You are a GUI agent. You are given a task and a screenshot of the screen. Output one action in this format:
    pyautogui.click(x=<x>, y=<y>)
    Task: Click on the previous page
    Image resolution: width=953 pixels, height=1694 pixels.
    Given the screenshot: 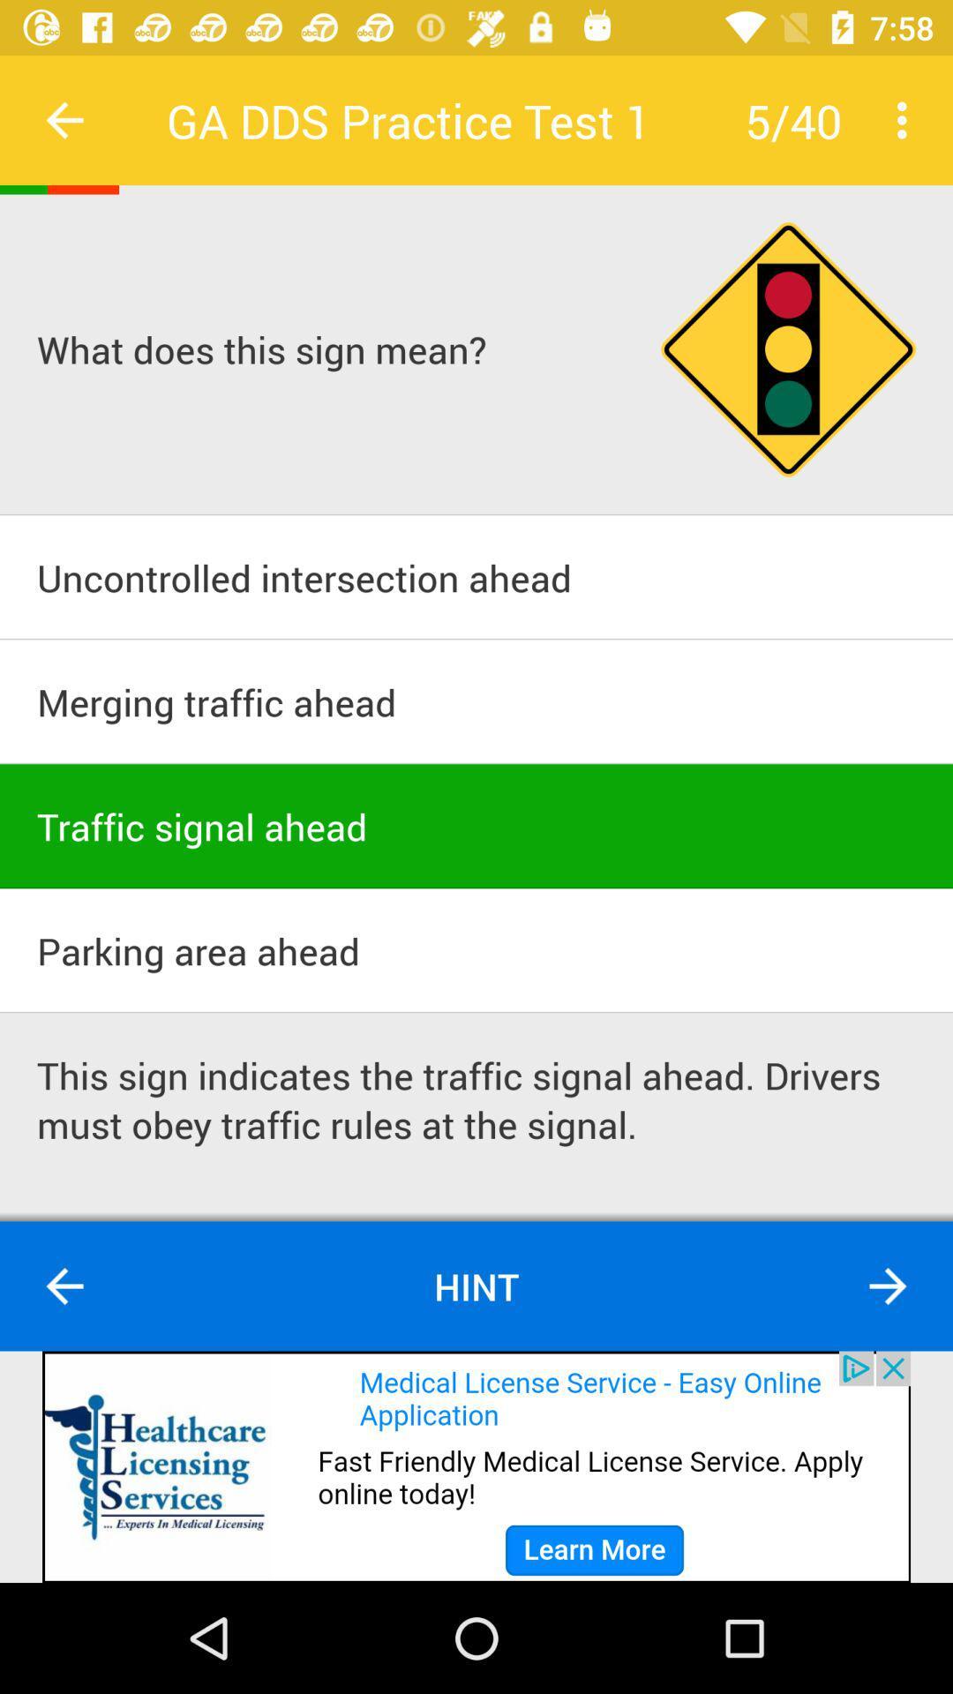 What is the action you would take?
    pyautogui.click(x=64, y=119)
    